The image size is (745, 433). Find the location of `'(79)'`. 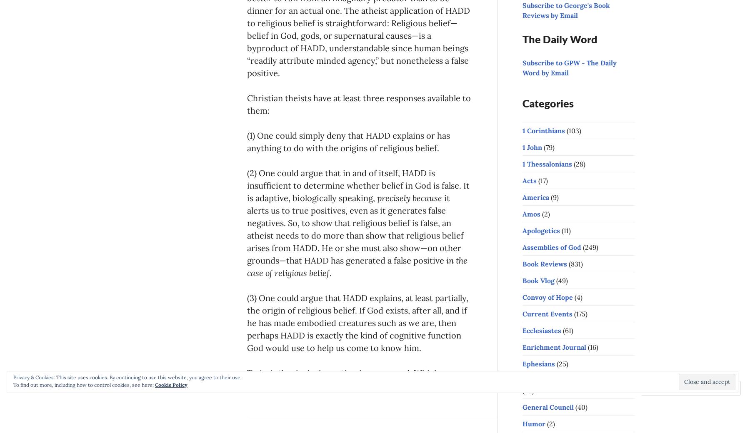

'(79)' is located at coordinates (547, 146).